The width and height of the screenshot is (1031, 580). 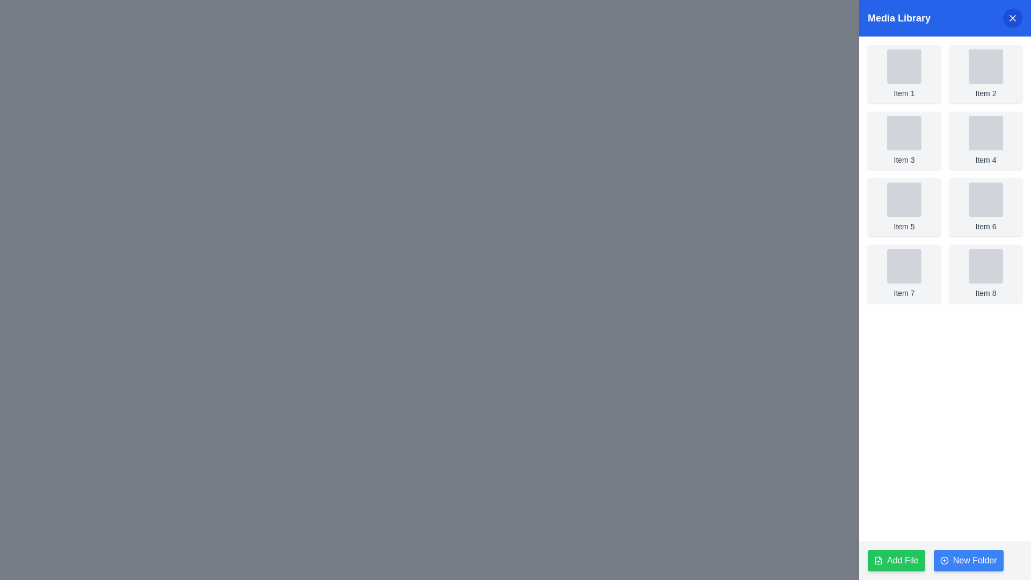 What do you see at coordinates (985, 226) in the screenshot?
I see `the non-interactive Text Label that identifies the associated media as 'Item 6' in the Media Library panel` at bounding box center [985, 226].